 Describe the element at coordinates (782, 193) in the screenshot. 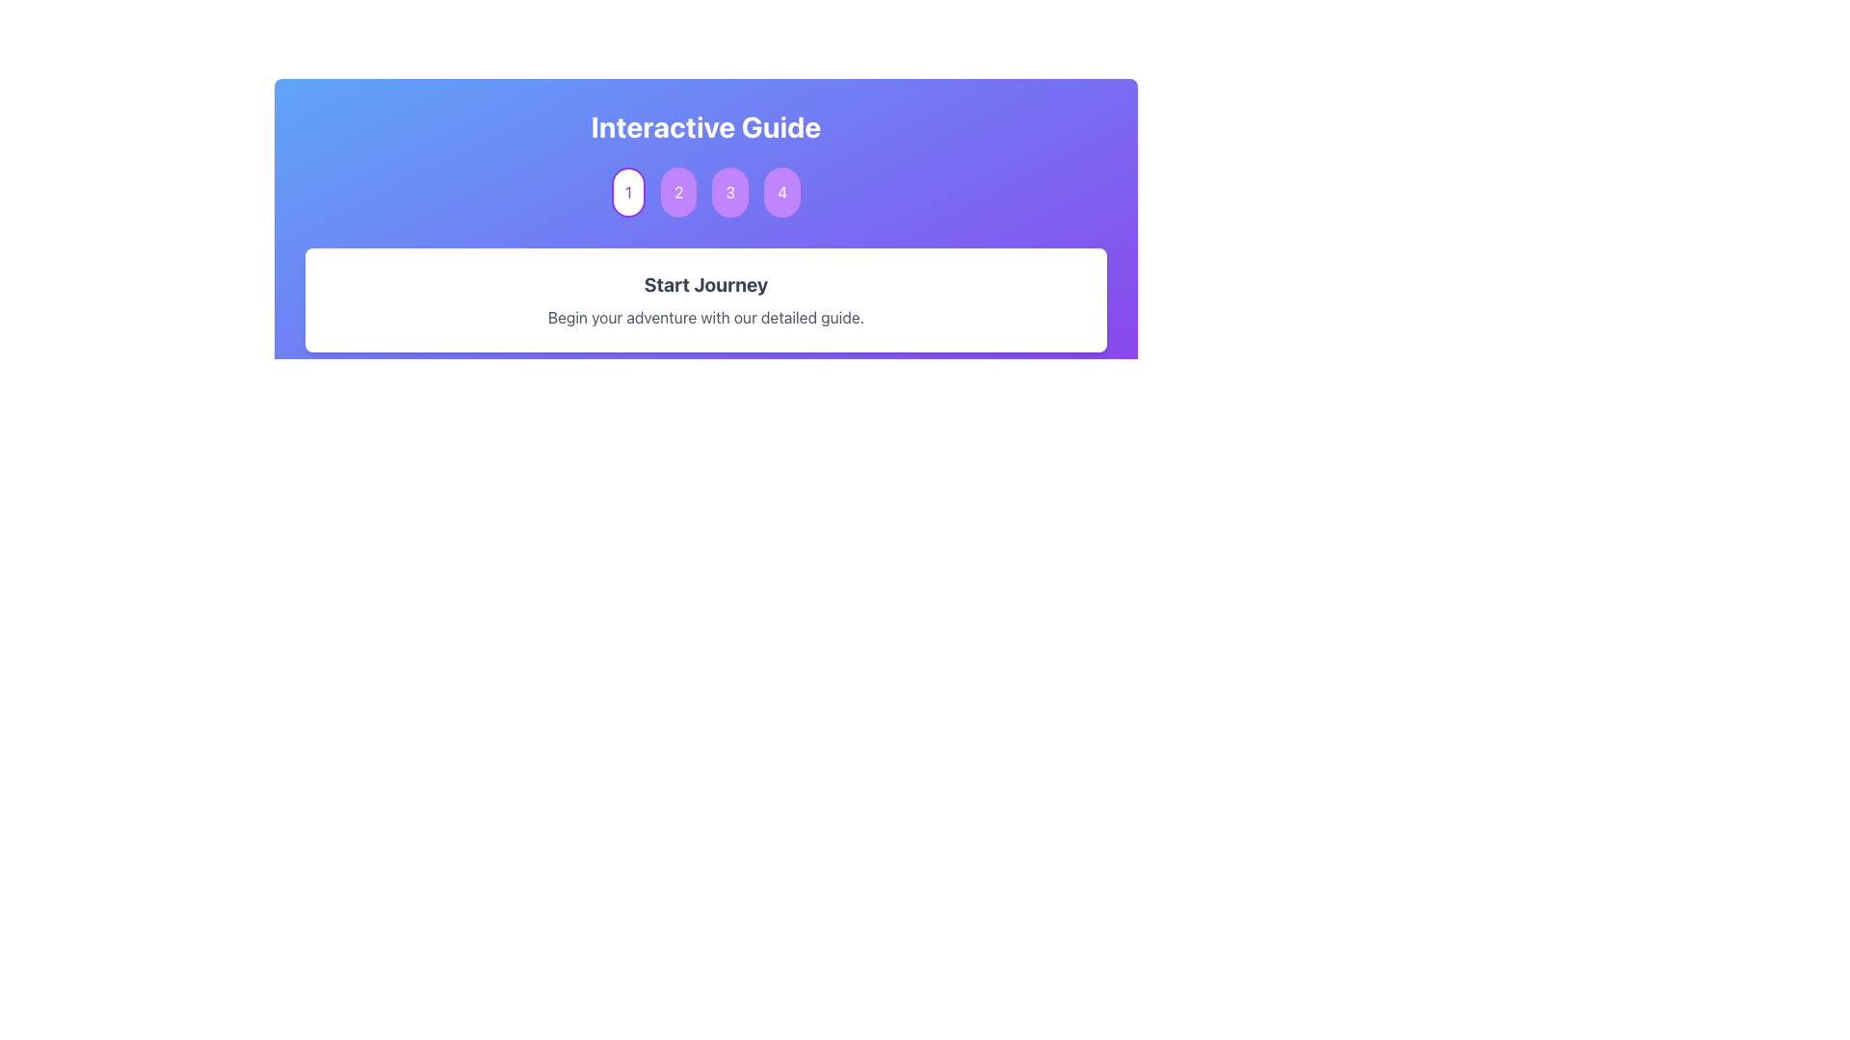

I see `the button labeled '4', which is the fourth button in a horizontal row under the 'Interactive Guide' heading` at that location.